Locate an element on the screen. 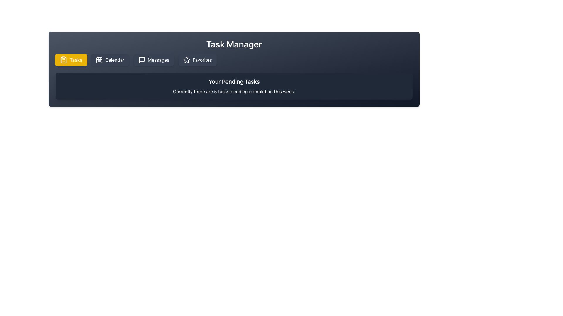 The image size is (563, 316). the five-pointed star icon within the 'Favorites' button located in the menu bar at the top of the page is located at coordinates (186, 60).